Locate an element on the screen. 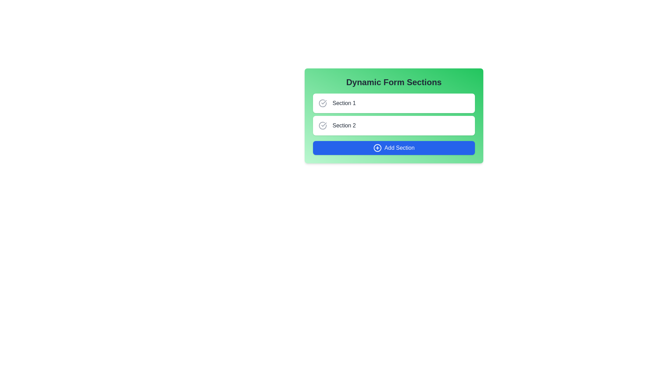 The width and height of the screenshot is (670, 377). the title element of the second section in the Dynamic Form Sections, which is displayed with a white background and rounded edges, indicating the section's name is located at coordinates (344, 125).